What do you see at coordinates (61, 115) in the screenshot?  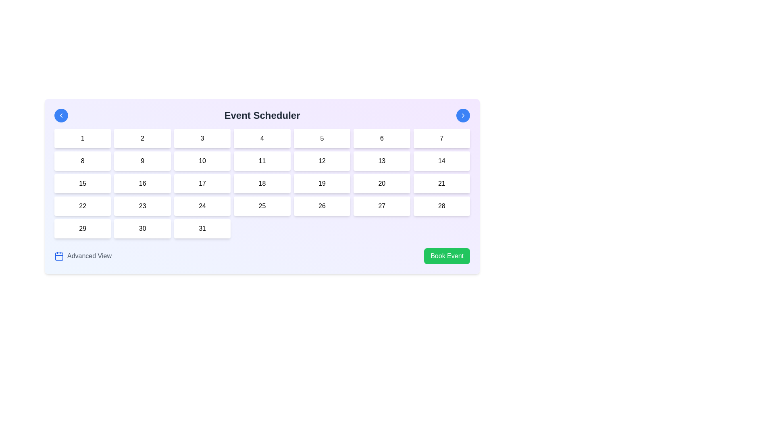 I see `the blue circular back navigation icon located at the top-left corner of the scheduler interface` at bounding box center [61, 115].